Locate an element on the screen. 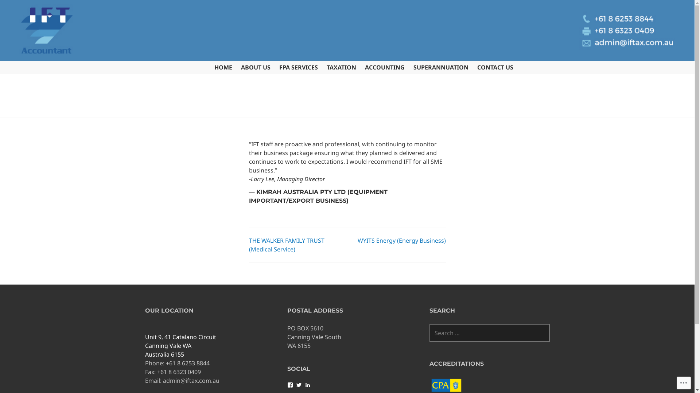 This screenshot has width=700, height=393. 'FPA SERVICES' is located at coordinates (299, 67).